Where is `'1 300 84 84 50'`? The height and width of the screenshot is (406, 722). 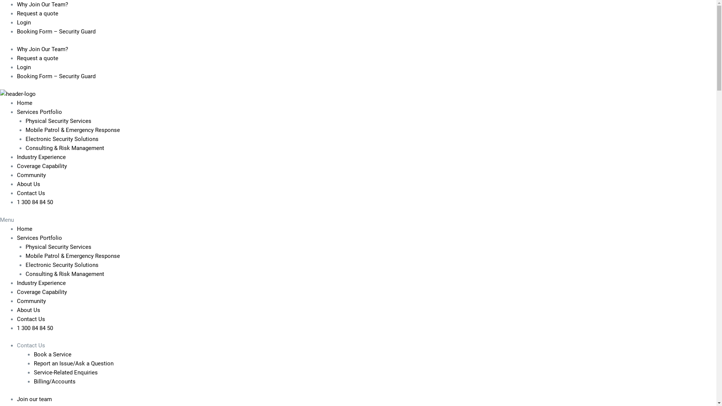
'1 300 84 84 50' is located at coordinates (34, 327).